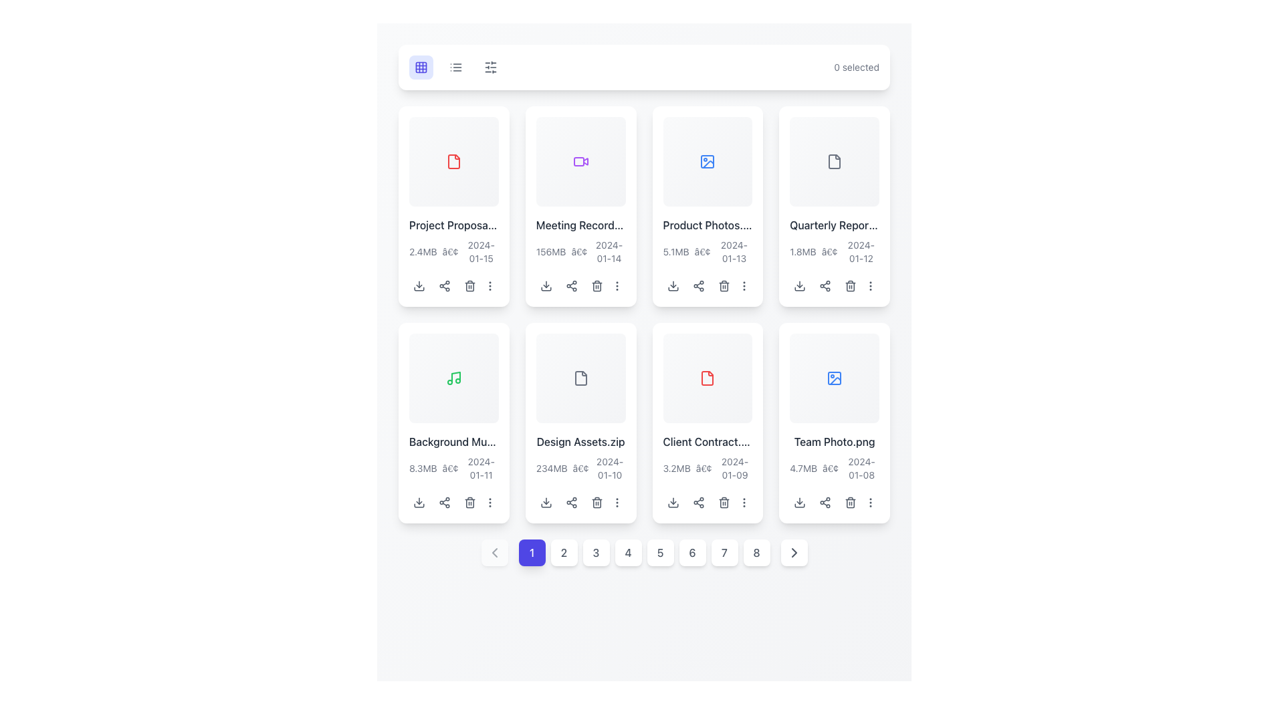 This screenshot has width=1284, height=722. What do you see at coordinates (871, 285) in the screenshot?
I see `the 'more options' button, a three-dot icon located` at bounding box center [871, 285].